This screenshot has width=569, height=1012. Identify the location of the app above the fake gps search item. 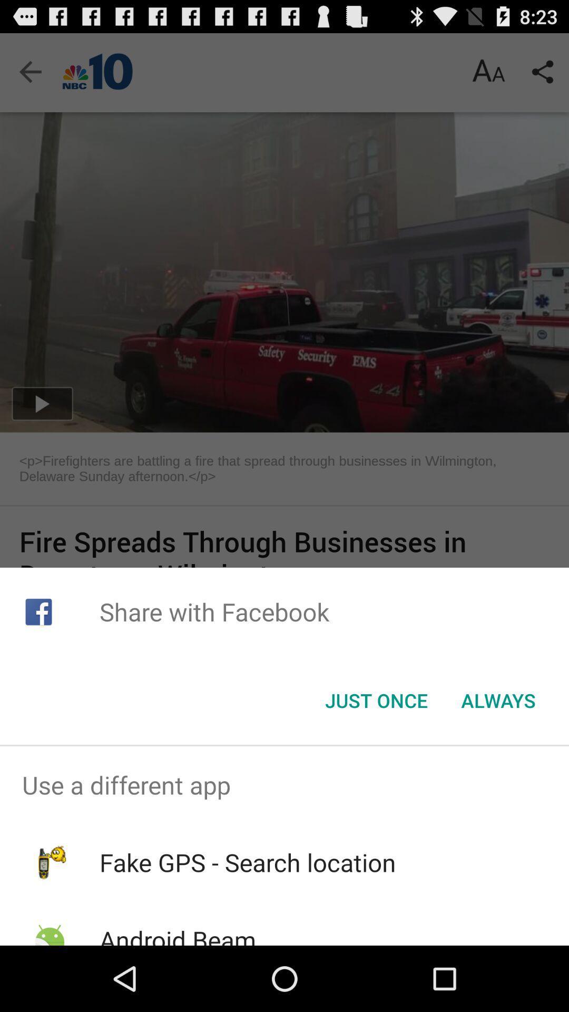
(284, 785).